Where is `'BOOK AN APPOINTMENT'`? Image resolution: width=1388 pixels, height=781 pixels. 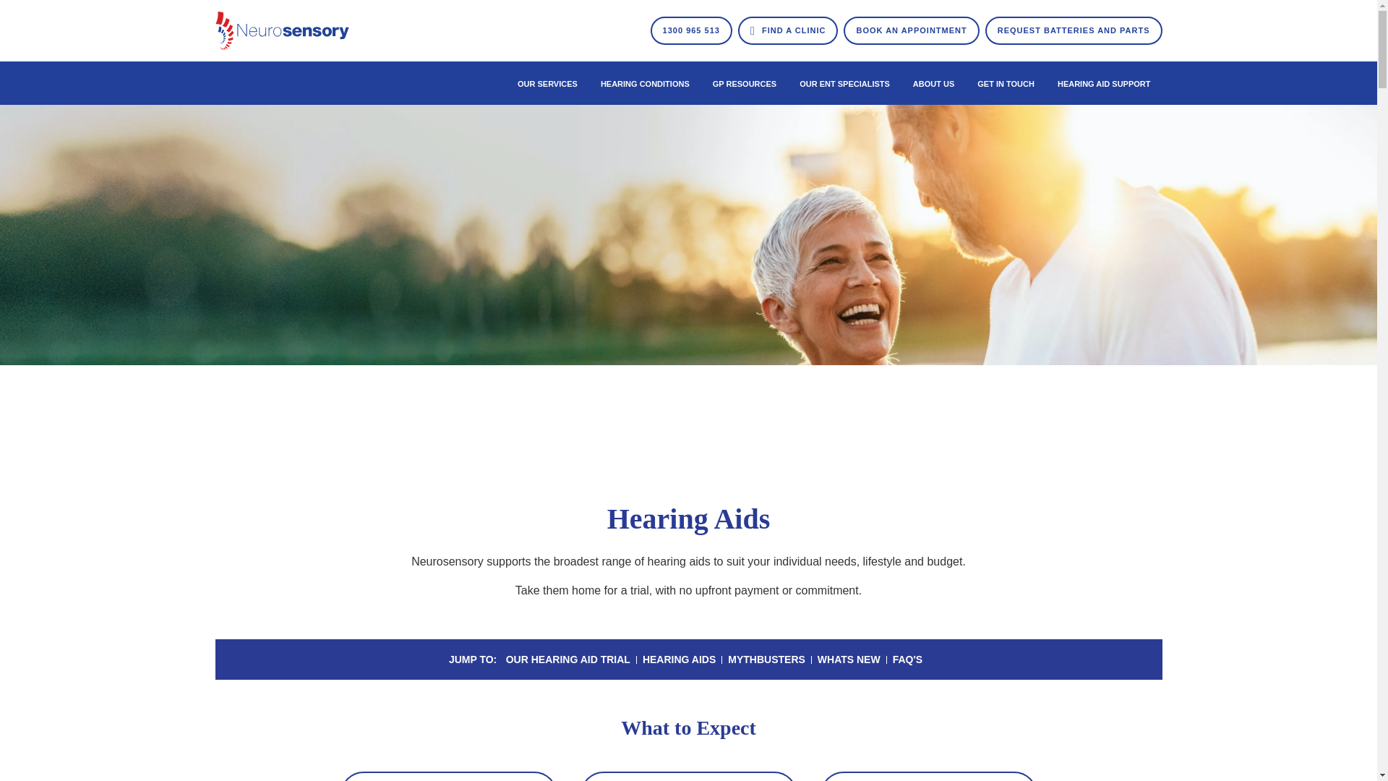 'BOOK AN APPOINTMENT' is located at coordinates (910, 30).